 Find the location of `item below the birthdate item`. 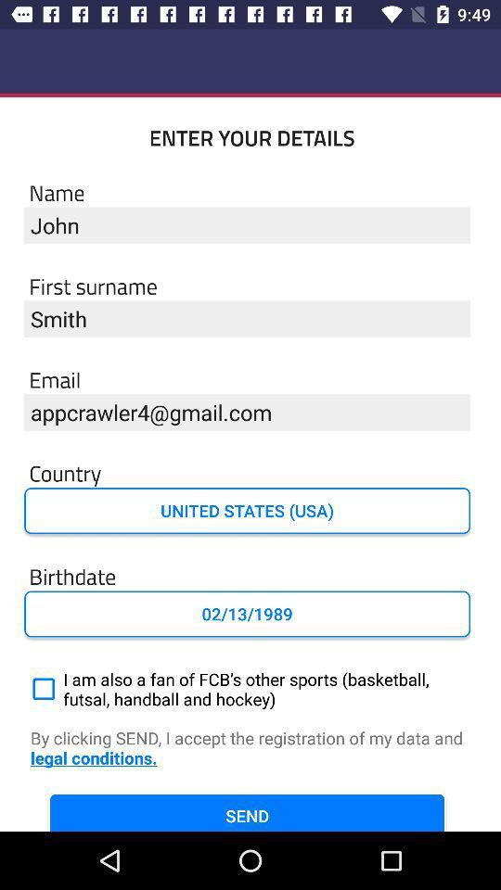

item below the birthdate item is located at coordinates (247, 614).